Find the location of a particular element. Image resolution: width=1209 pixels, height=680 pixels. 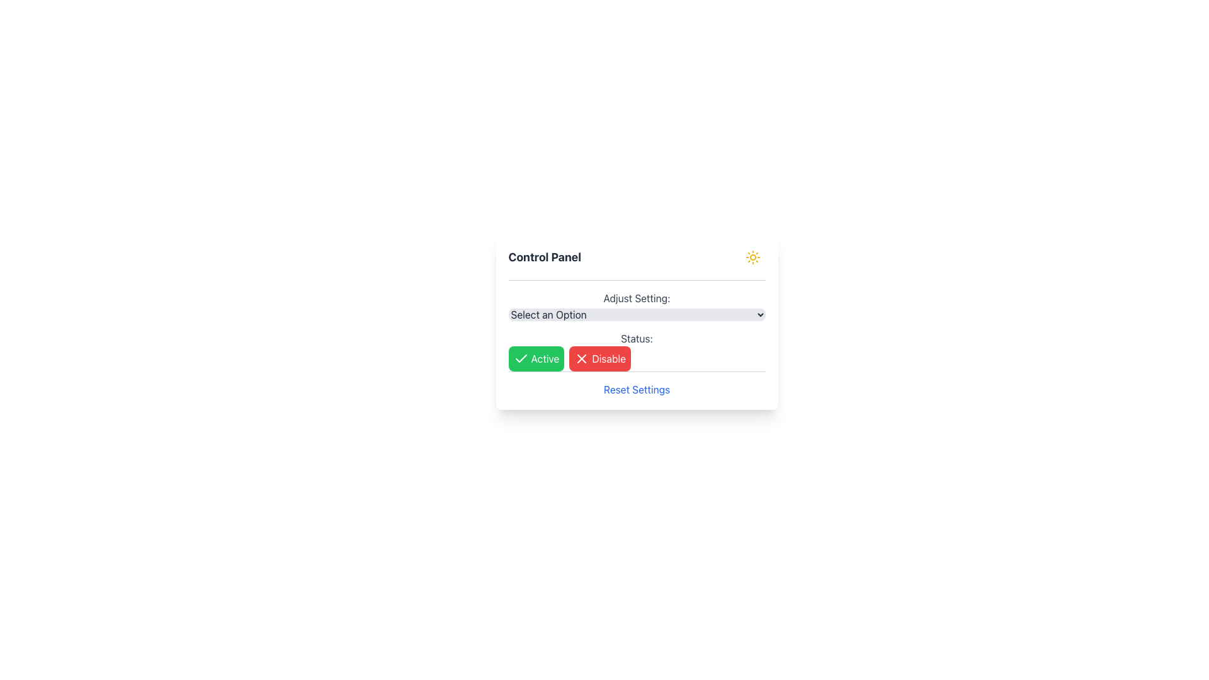

the compact green icon with a white checkmark symbol located within the 'Active' button in the status selector section is located at coordinates (521, 359).